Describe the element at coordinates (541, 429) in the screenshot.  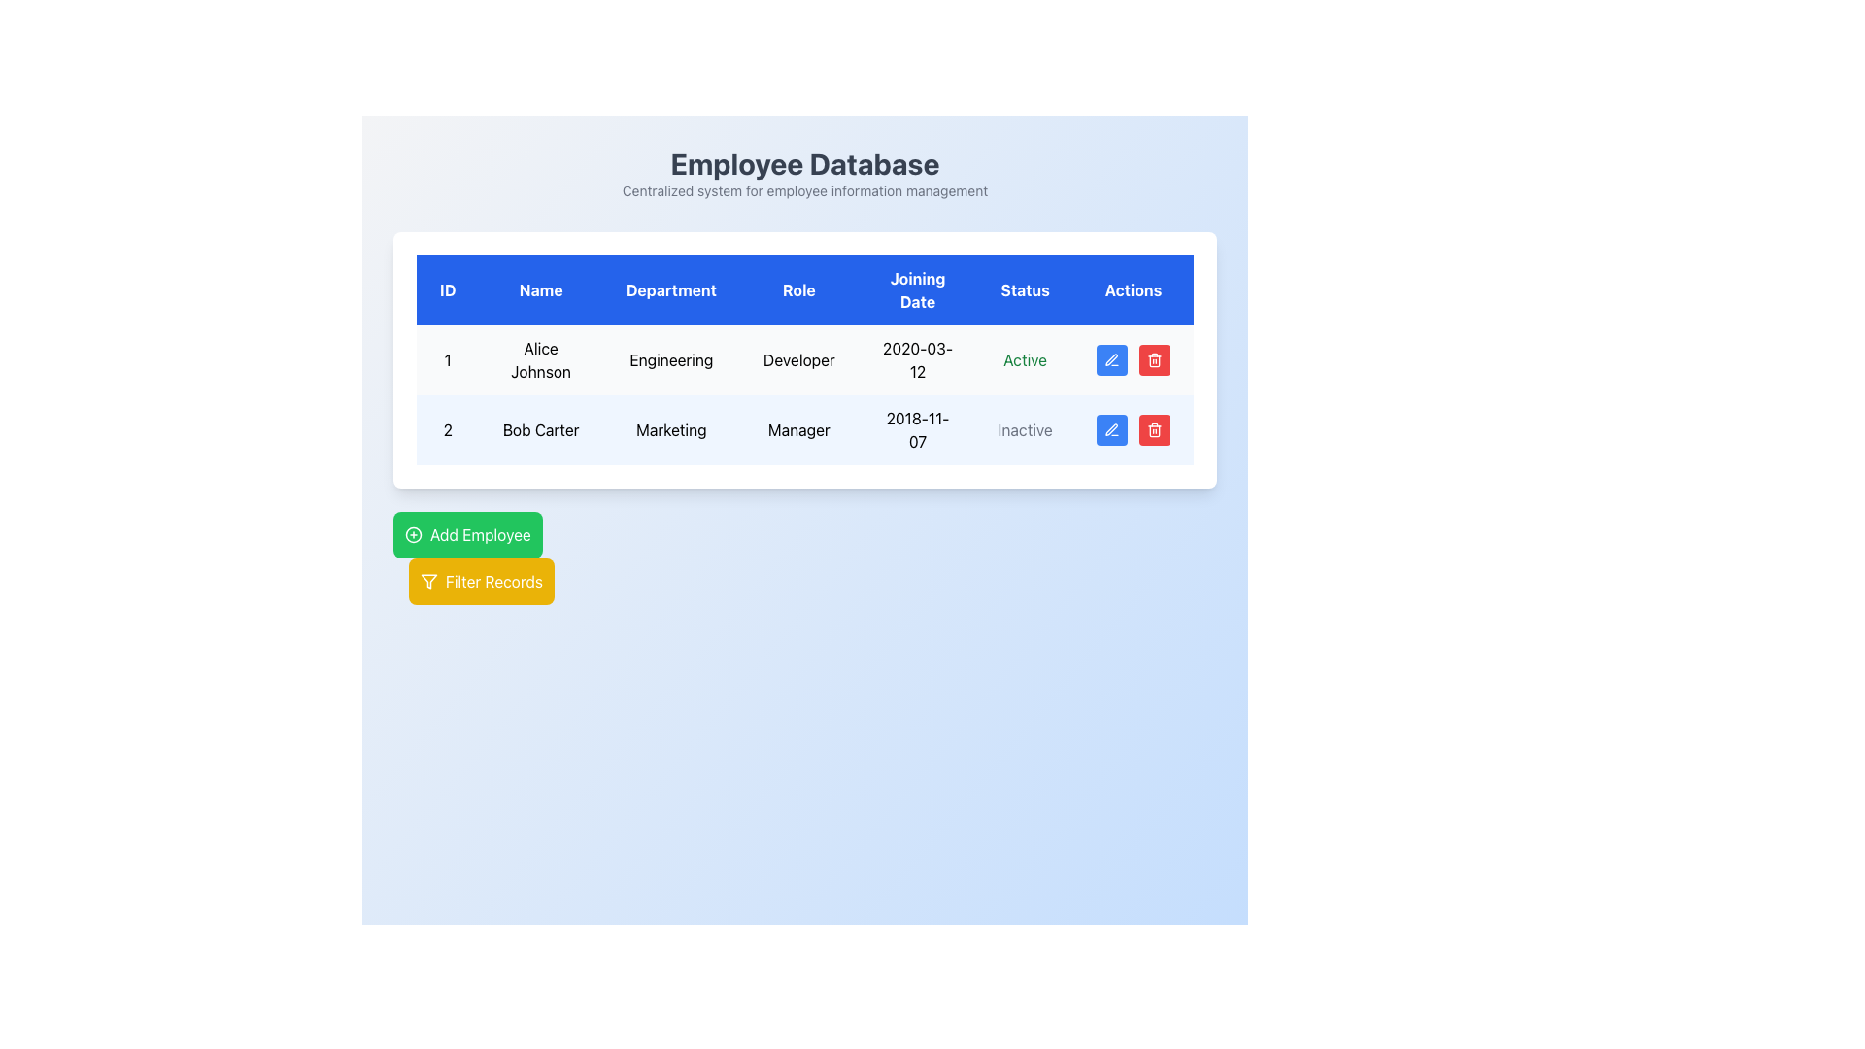
I see `the table cell displaying the name 'Bob Carter' in the second row under the 'Name' column of the 'Employee Database' interface` at that location.